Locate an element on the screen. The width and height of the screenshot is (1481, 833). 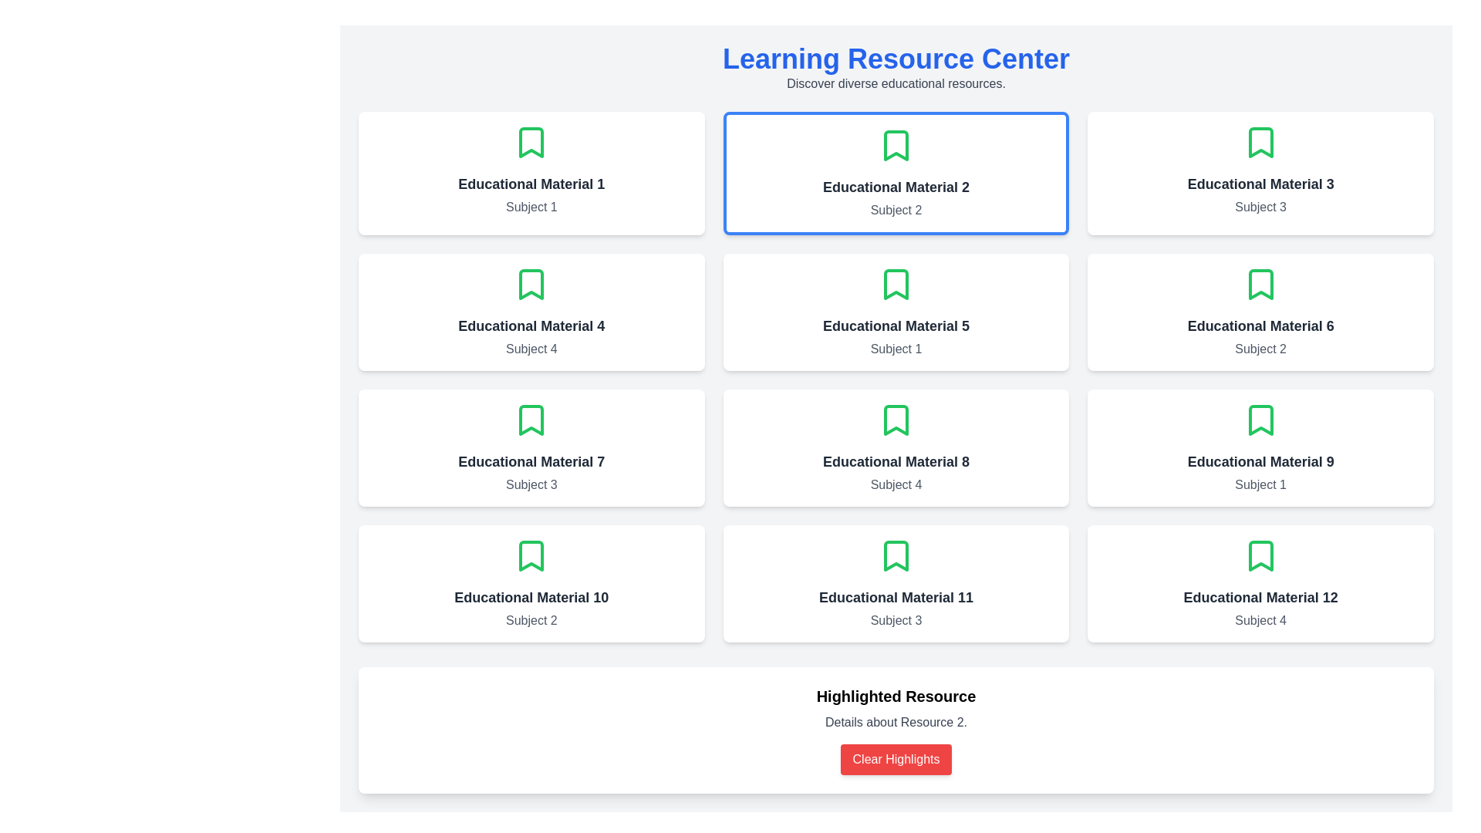
the Information card located at the bottom right corner of the grid to observe the zoom effect is located at coordinates (1260, 583).